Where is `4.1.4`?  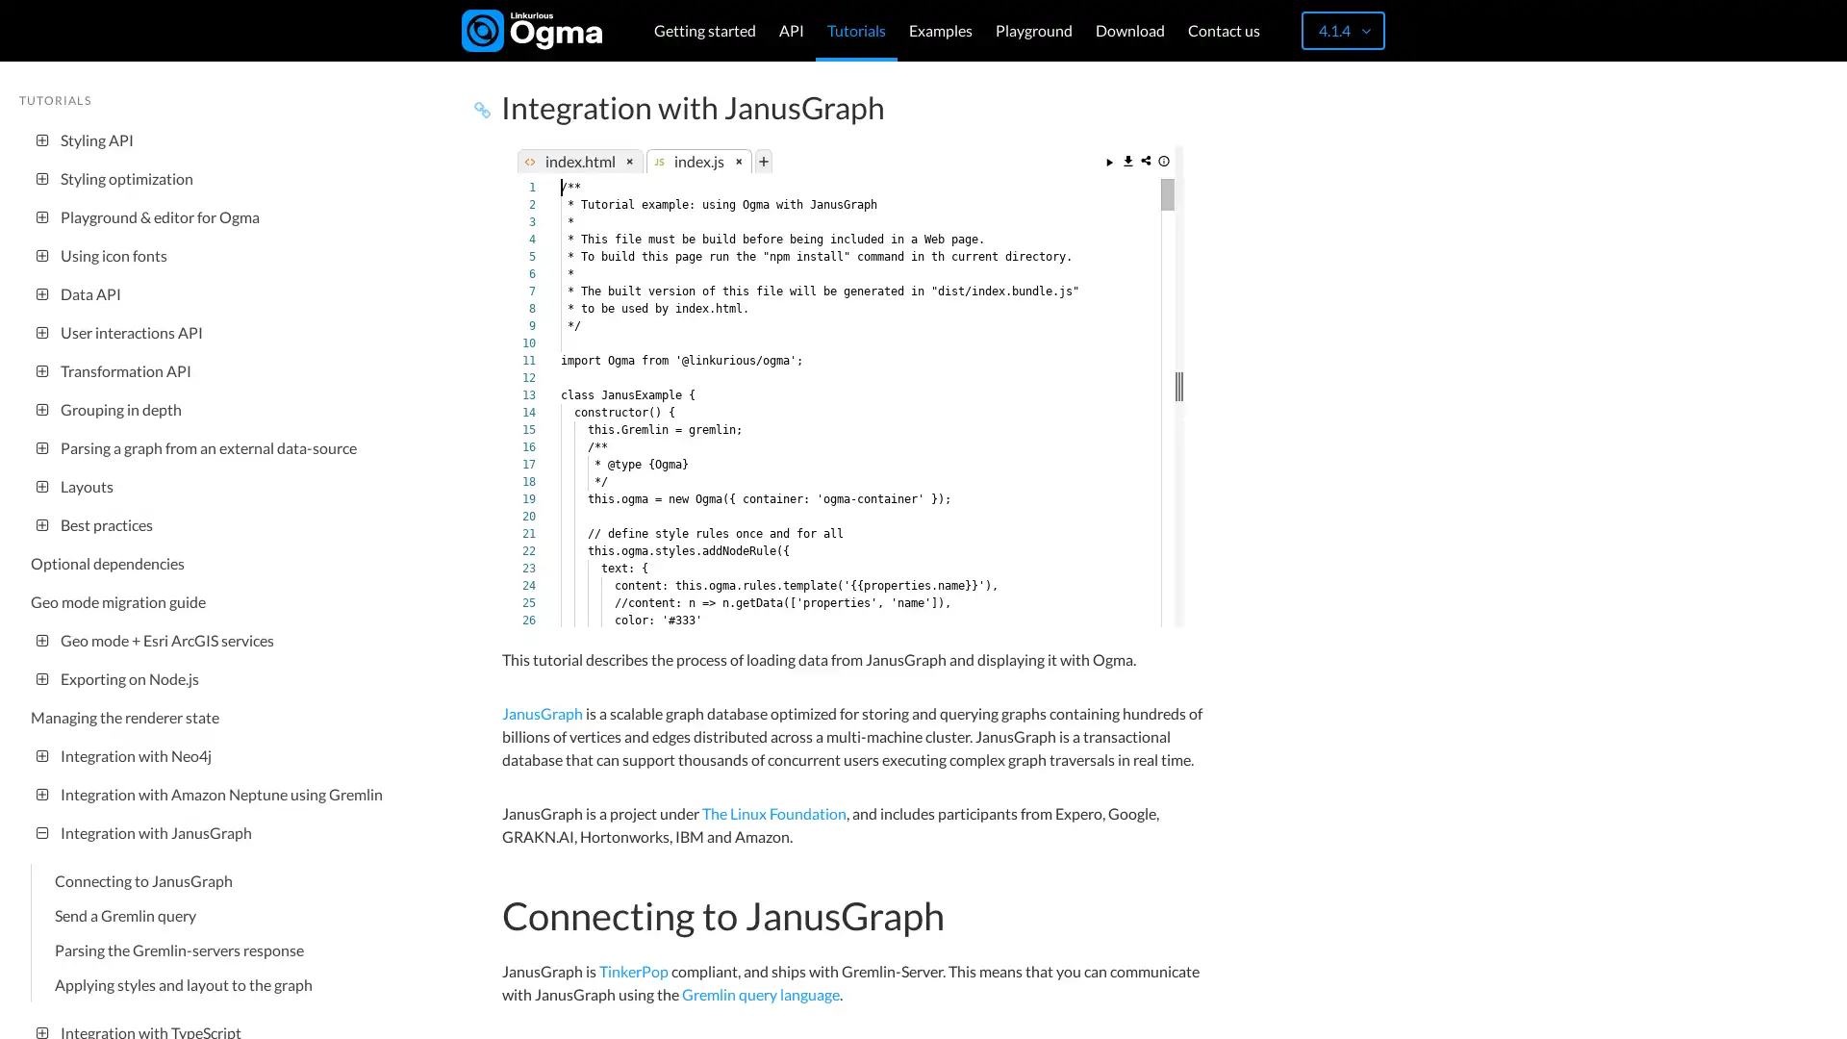 4.1.4 is located at coordinates (1342, 30).